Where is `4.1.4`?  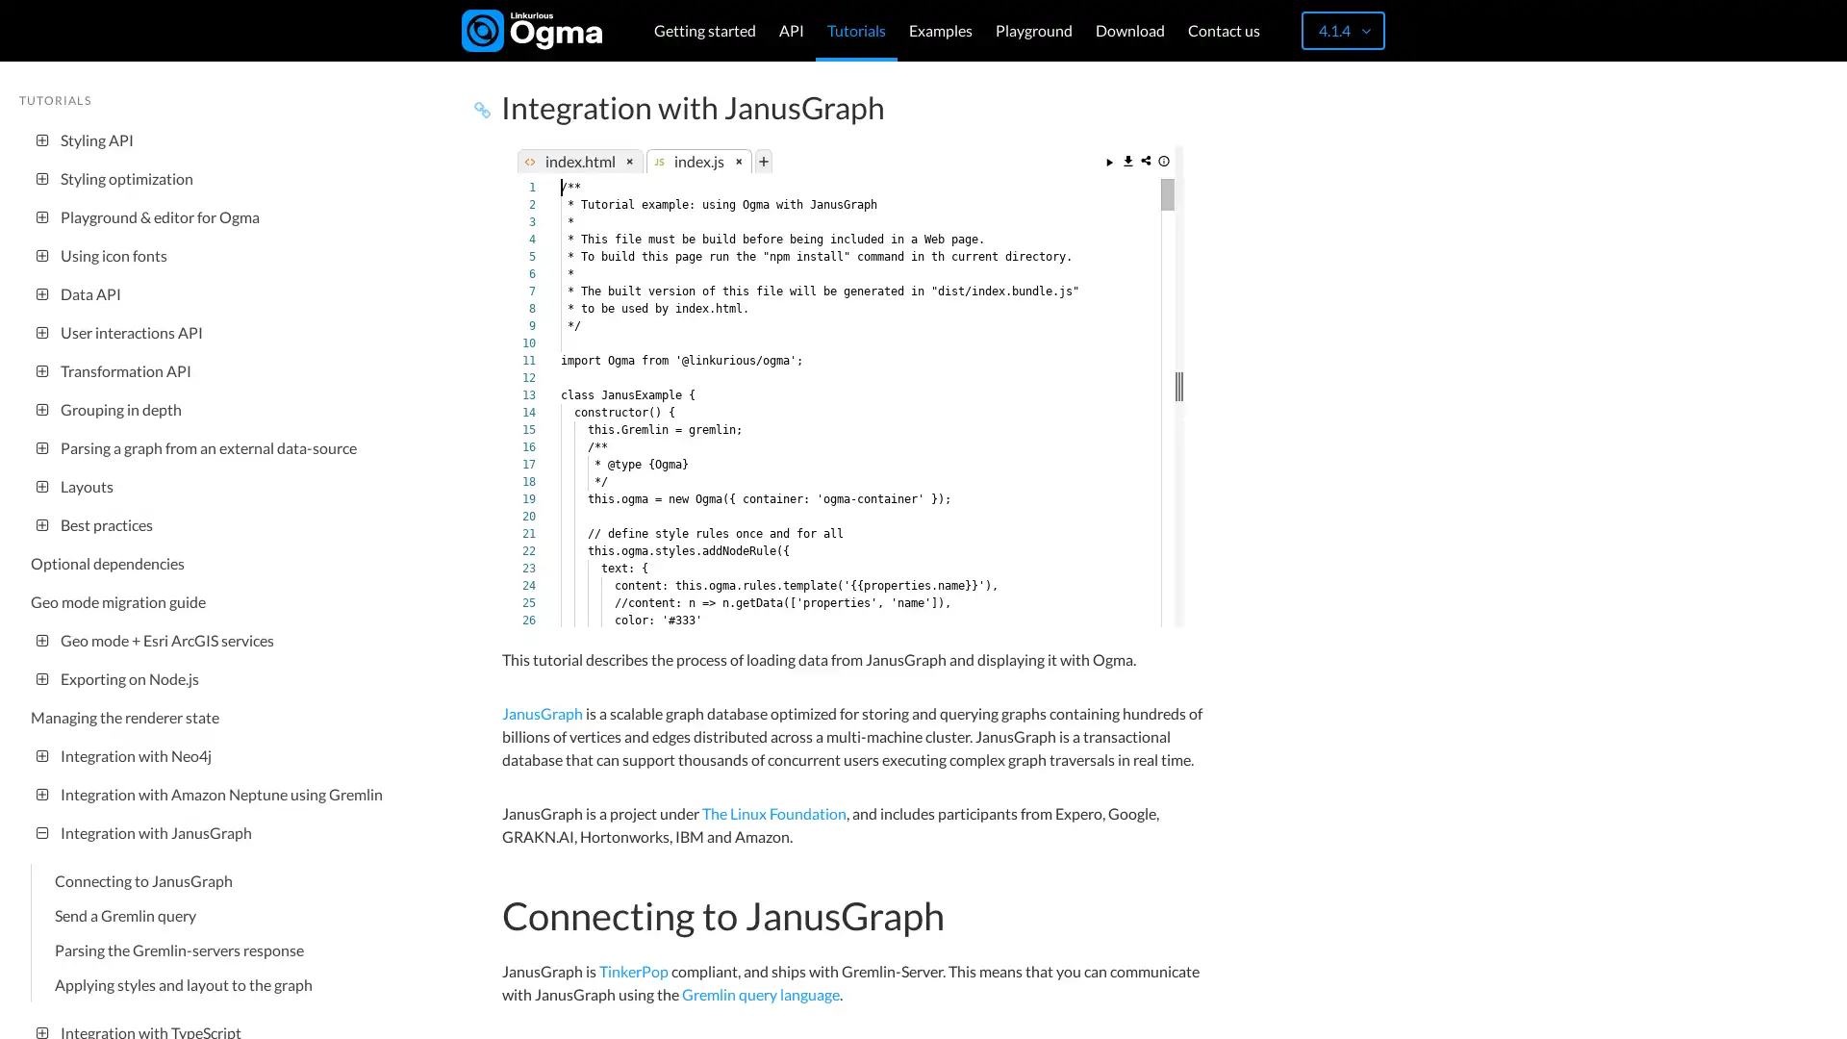 4.1.4 is located at coordinates (1342, 30).